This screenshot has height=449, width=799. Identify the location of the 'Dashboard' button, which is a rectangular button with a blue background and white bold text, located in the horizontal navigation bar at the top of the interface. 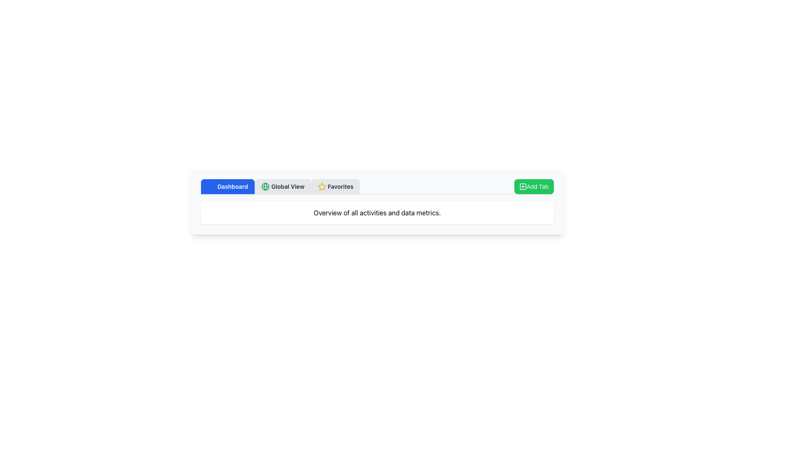
(228, 186).